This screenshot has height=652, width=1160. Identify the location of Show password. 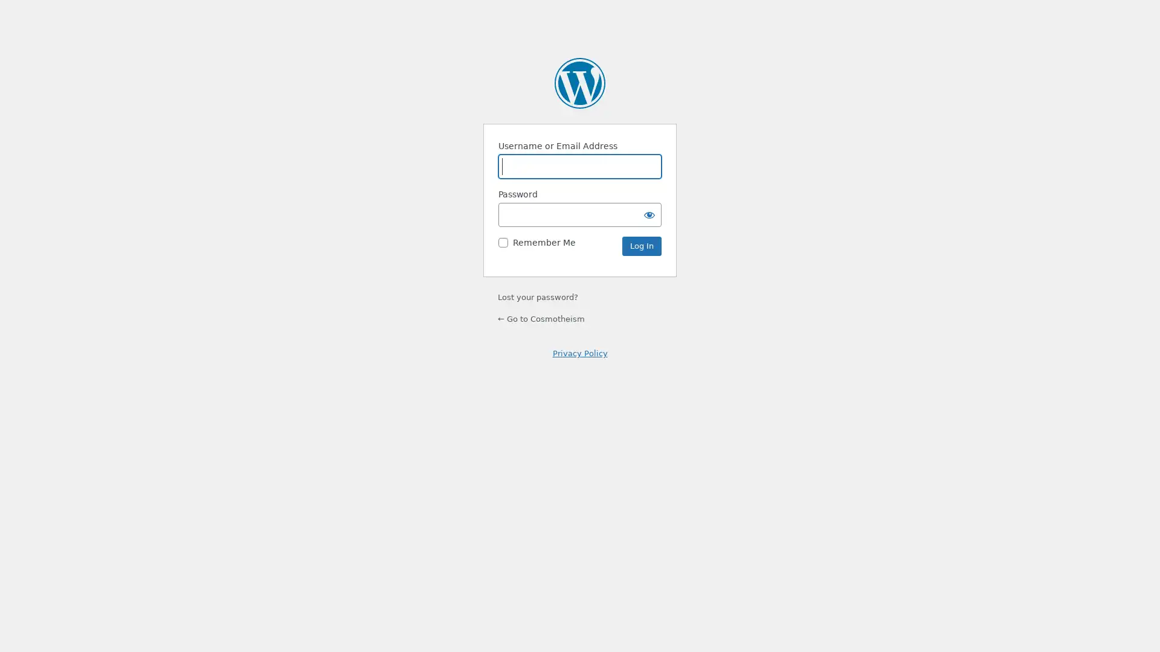
(649, 214).